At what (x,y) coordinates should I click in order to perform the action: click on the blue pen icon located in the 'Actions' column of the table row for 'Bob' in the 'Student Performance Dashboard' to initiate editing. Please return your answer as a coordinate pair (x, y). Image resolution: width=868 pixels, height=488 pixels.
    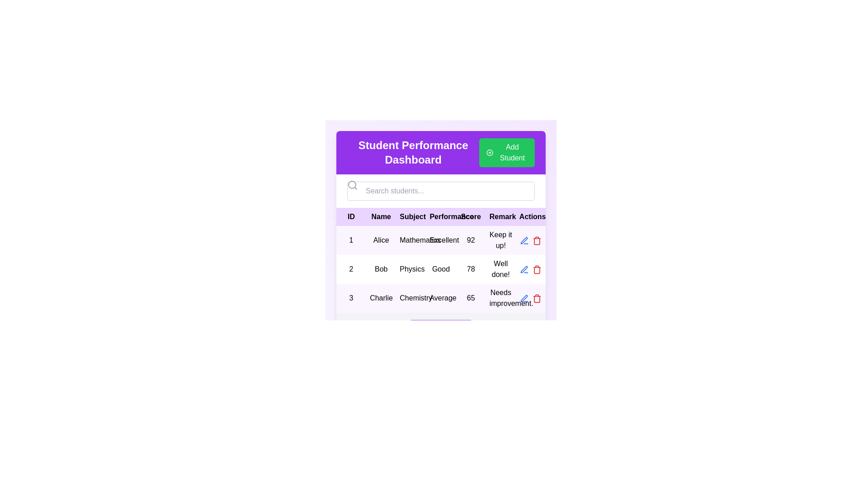
    Looking at the image, I should click on (524, 240).